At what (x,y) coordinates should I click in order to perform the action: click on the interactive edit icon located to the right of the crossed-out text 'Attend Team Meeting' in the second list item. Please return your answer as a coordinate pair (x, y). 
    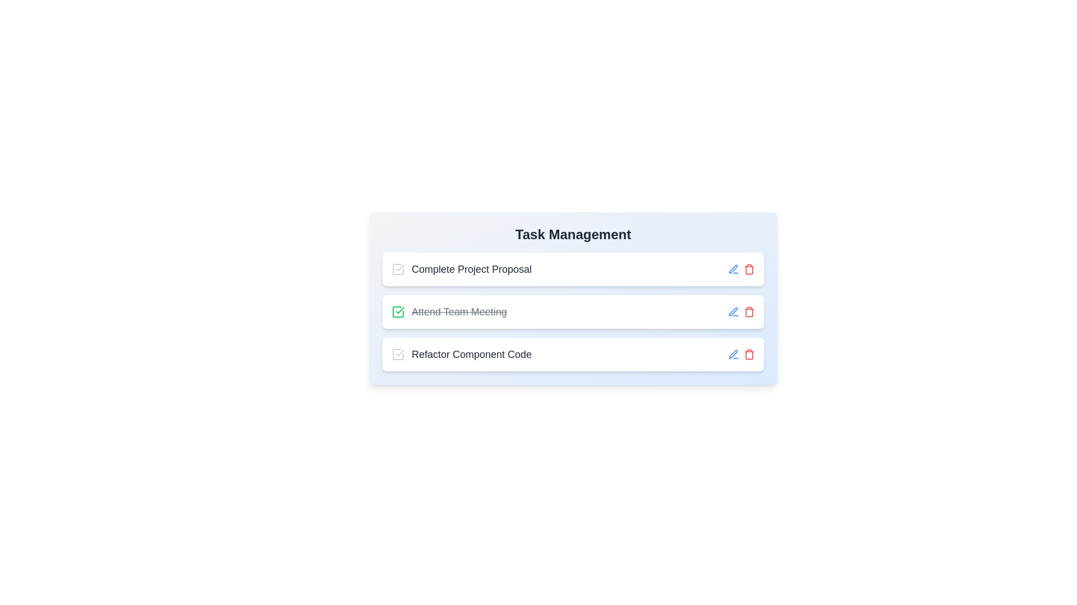
    Looking at the image, I should click on (733, 269).